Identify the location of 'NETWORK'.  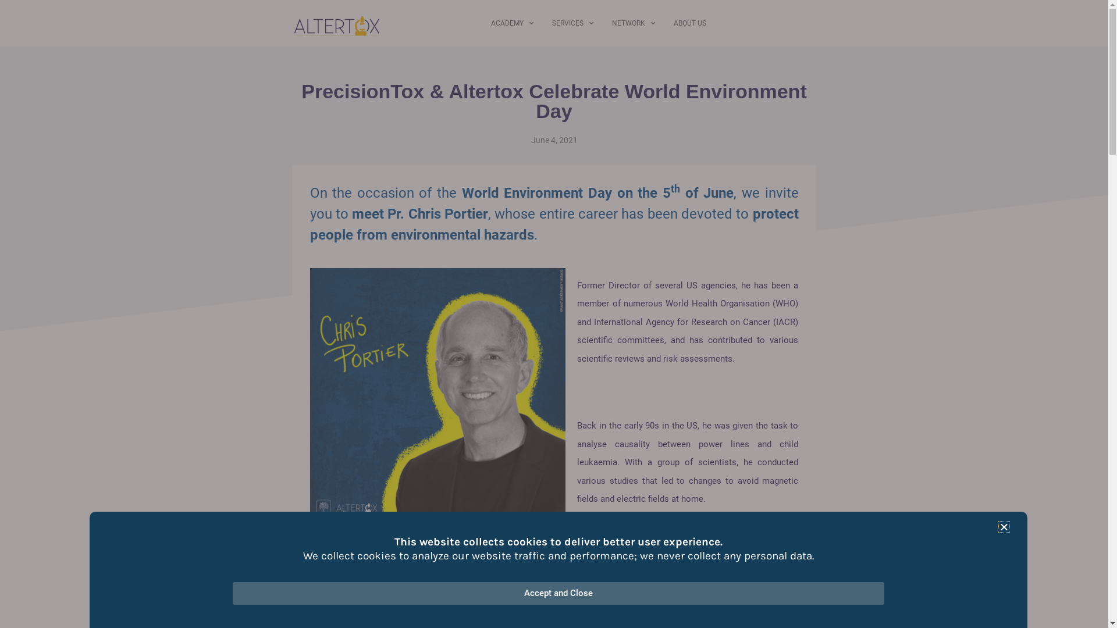
(633, 23).